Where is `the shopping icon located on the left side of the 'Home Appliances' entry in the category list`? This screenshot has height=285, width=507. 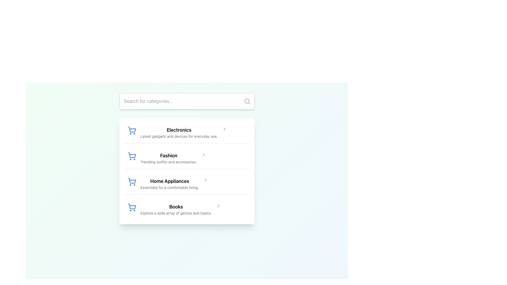 the shopping icon located on the left side of the 'Home Appliances' entry in the category list is located at coordinates (132, 182).